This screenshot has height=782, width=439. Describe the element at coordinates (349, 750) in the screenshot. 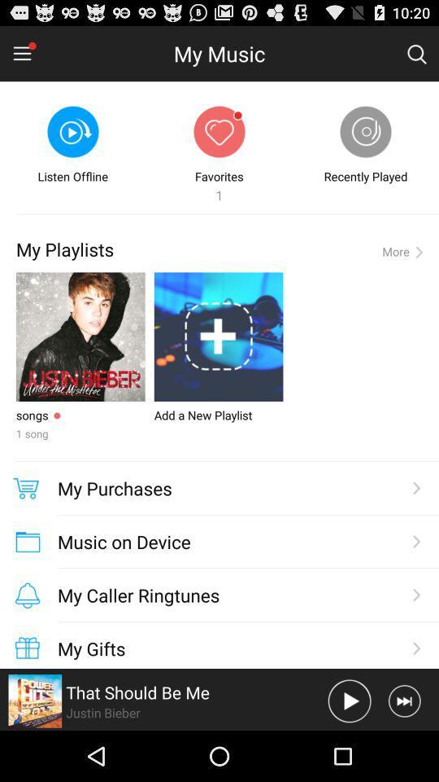

I see `the play icon` at that location.